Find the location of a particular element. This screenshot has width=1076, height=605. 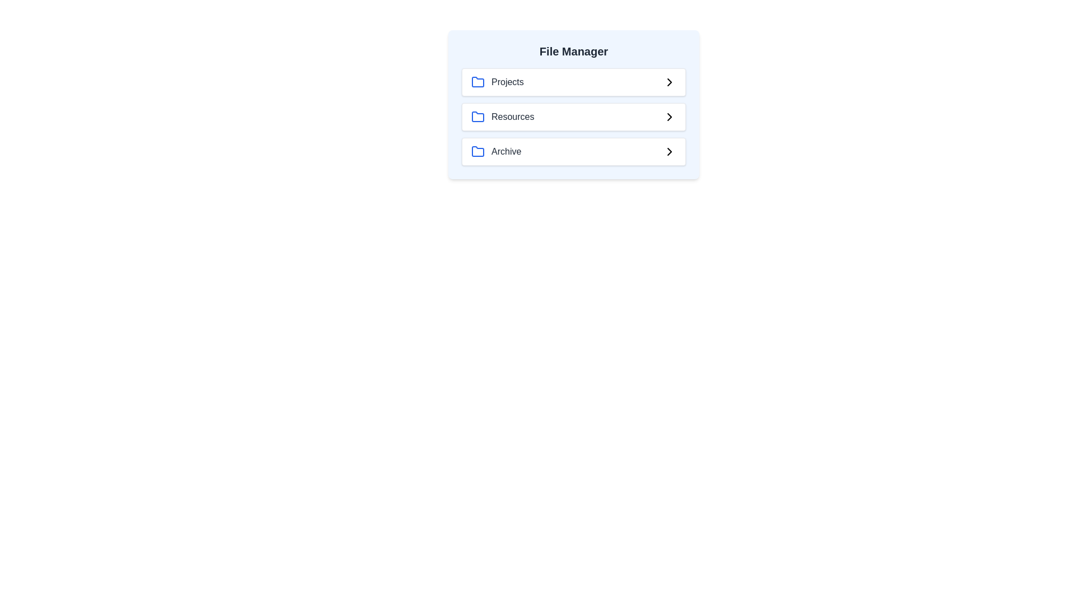

the second section of the vertical list titled 'Resources' within the 'File Manager' is located at coordinates (573, 117).